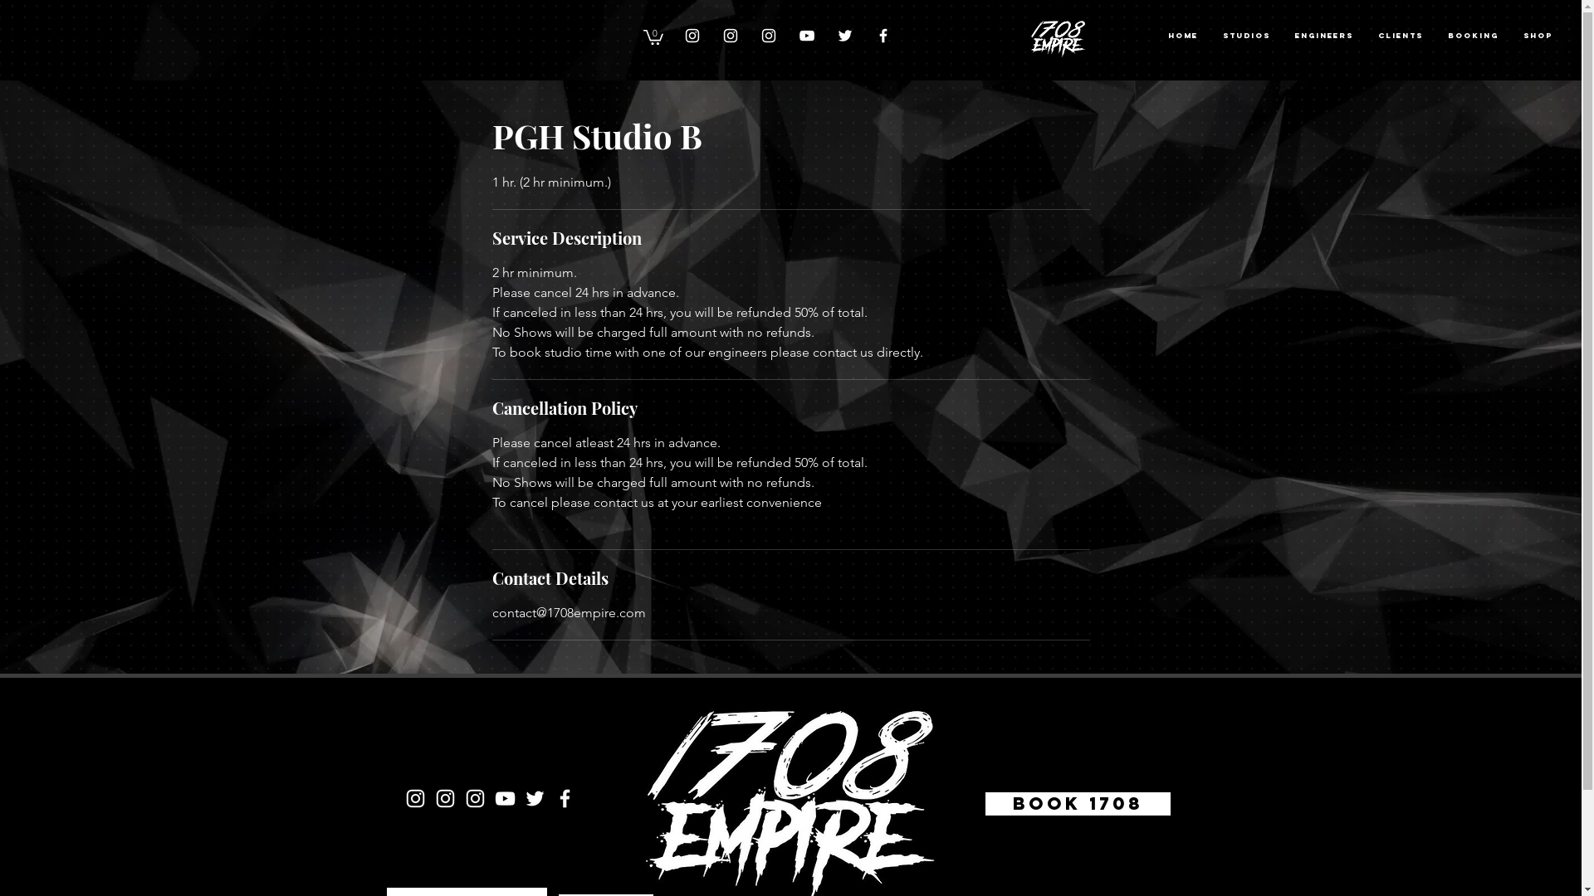  Describe the element at coordinates (653, 36) in the screenshot. I see `'0'` at that location.